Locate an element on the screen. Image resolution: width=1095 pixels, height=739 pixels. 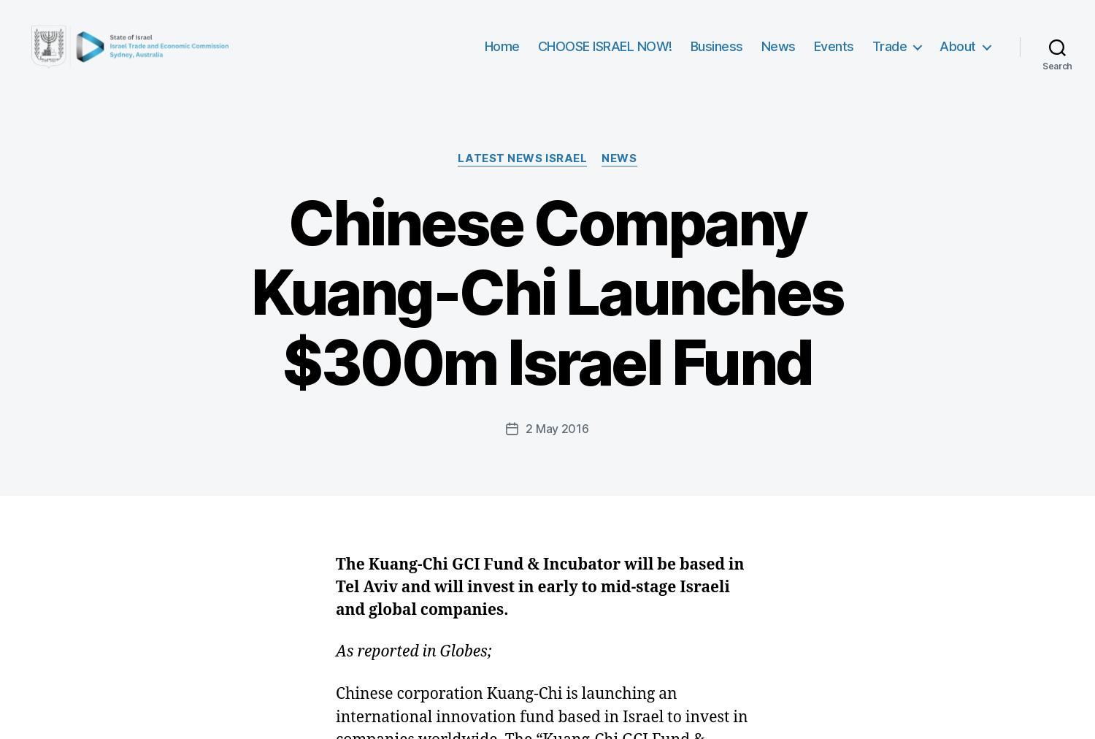
'Twitter' is located at coordinates (375, 279).